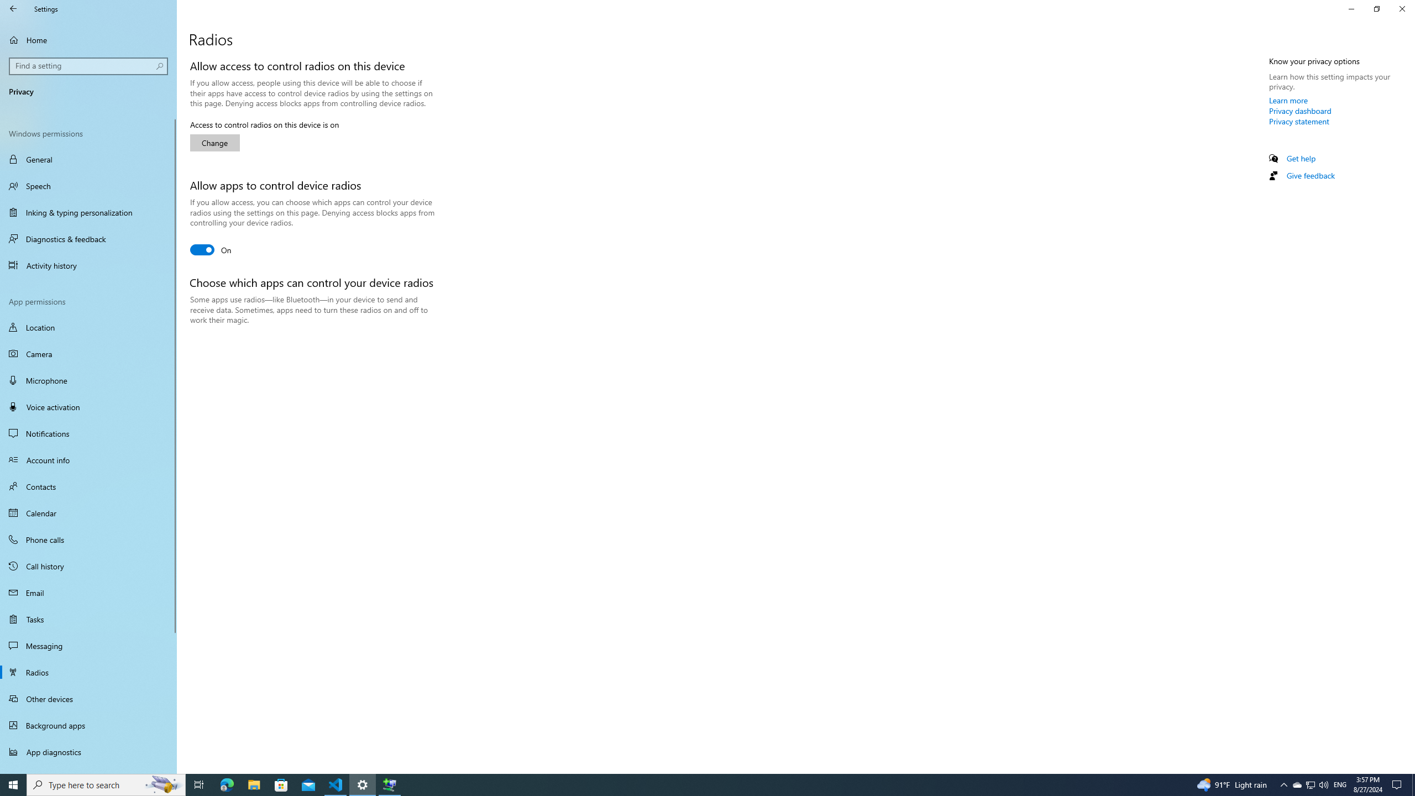  Describe the element at coordinates (1284, 784) in the screenshot. I see `'Notification Chevron'` at that location.